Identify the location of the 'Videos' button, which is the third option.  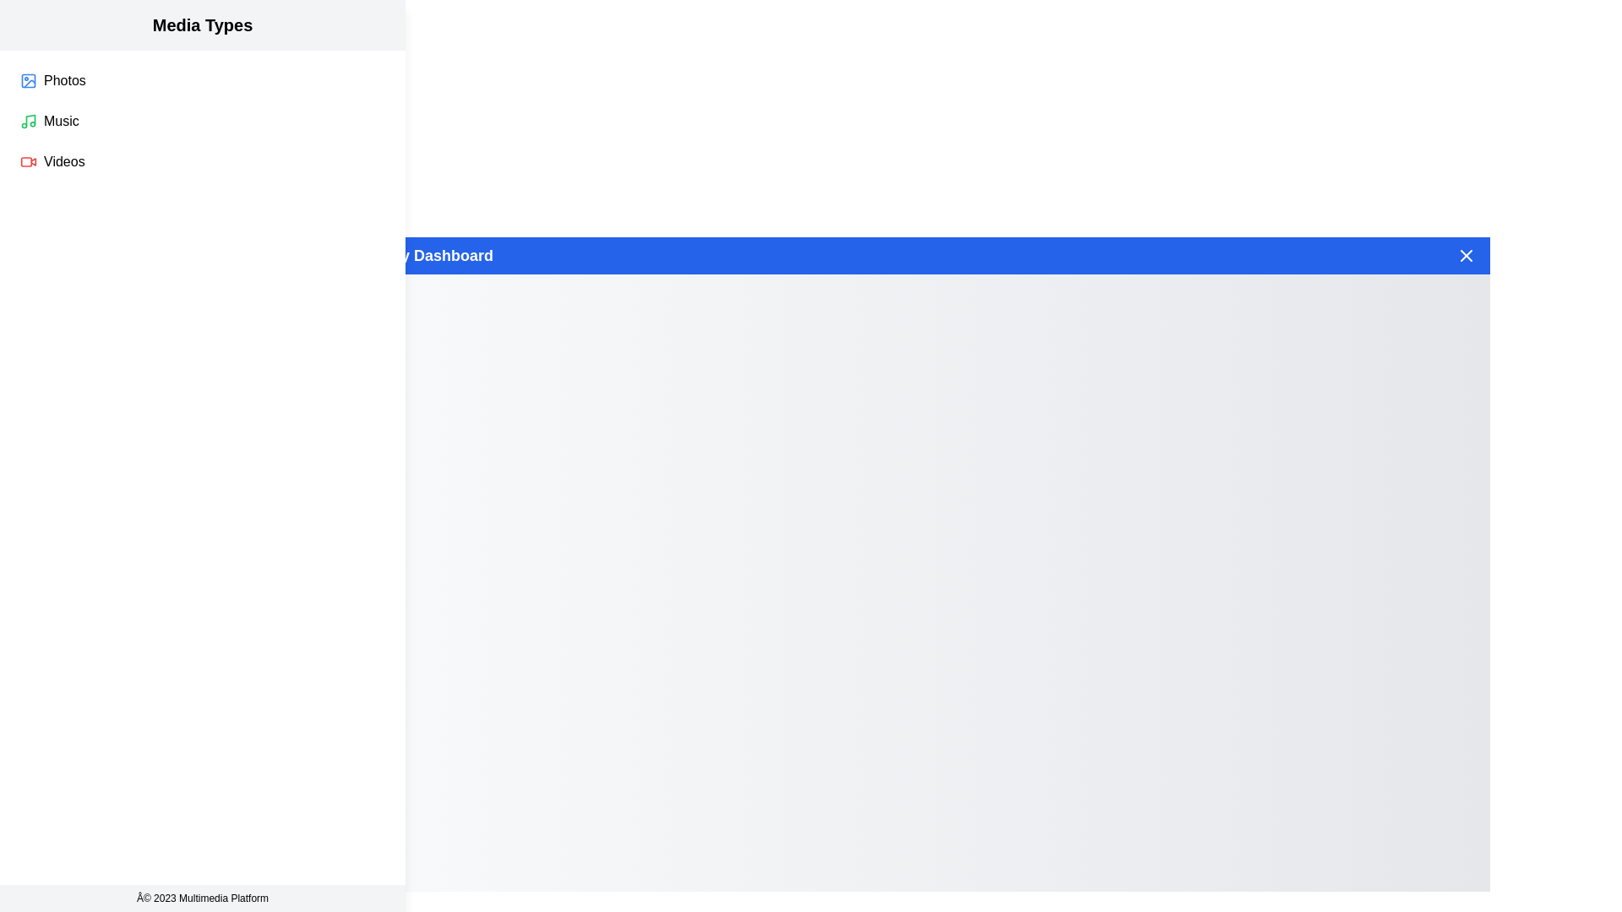
(203, 162).